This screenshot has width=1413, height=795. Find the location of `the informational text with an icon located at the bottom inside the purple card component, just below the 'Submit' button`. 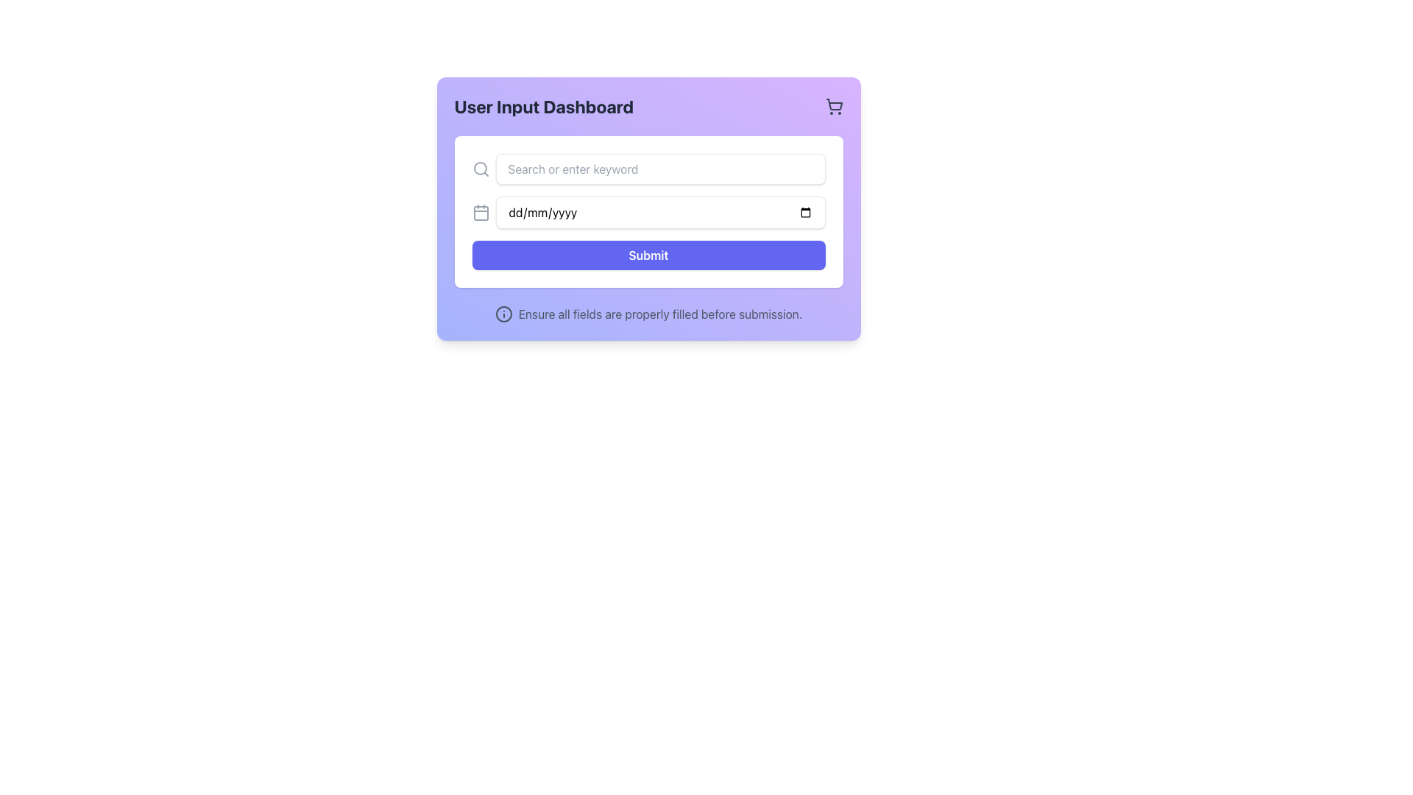

the informational text with an icon located at the bottom inside the purple card component, just below the 'Submit' button is located at coordinates (648, 314).